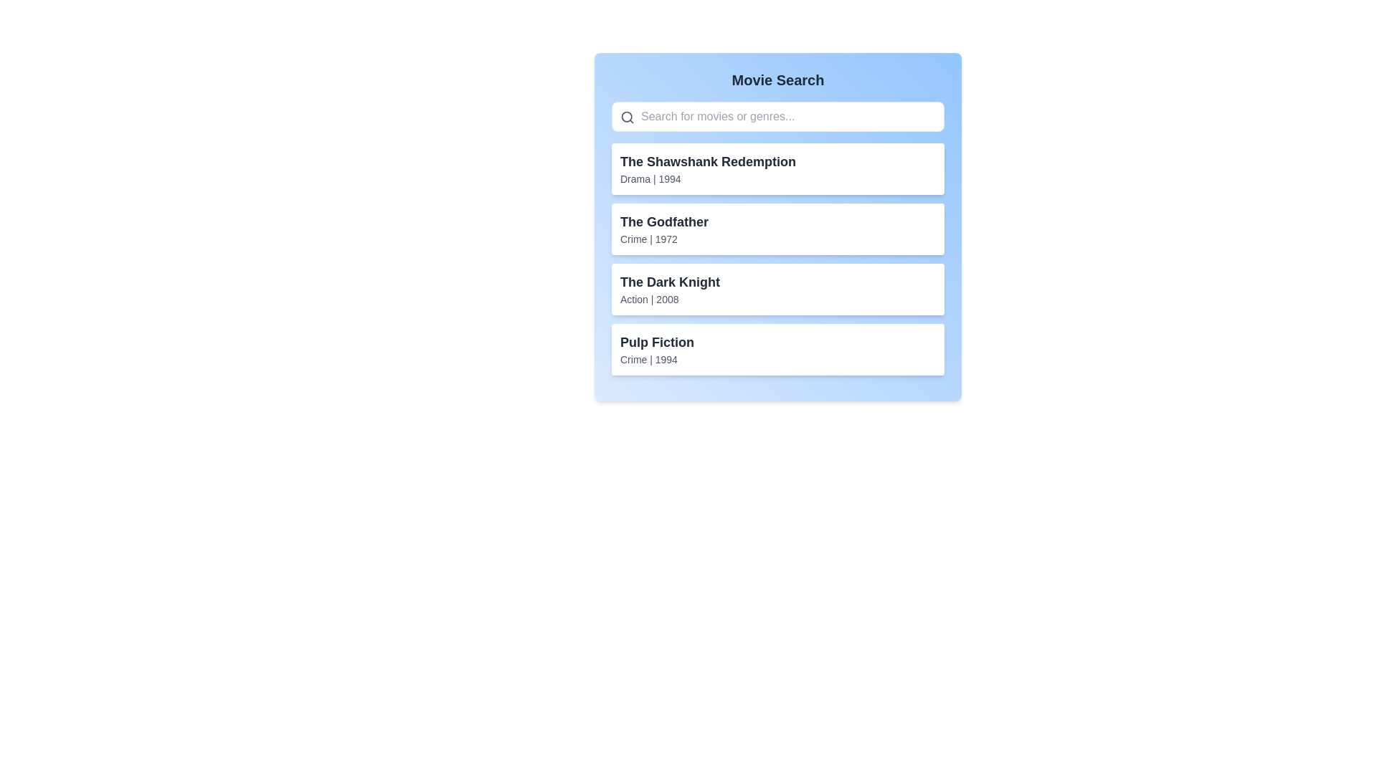 The image size is (1377, 774). Describe the element at coordinates (627, 116) in the screenshot. I see `the circular SVG element that is part of the search icon, positioned adjacent to the movie or genre input field` at that location.